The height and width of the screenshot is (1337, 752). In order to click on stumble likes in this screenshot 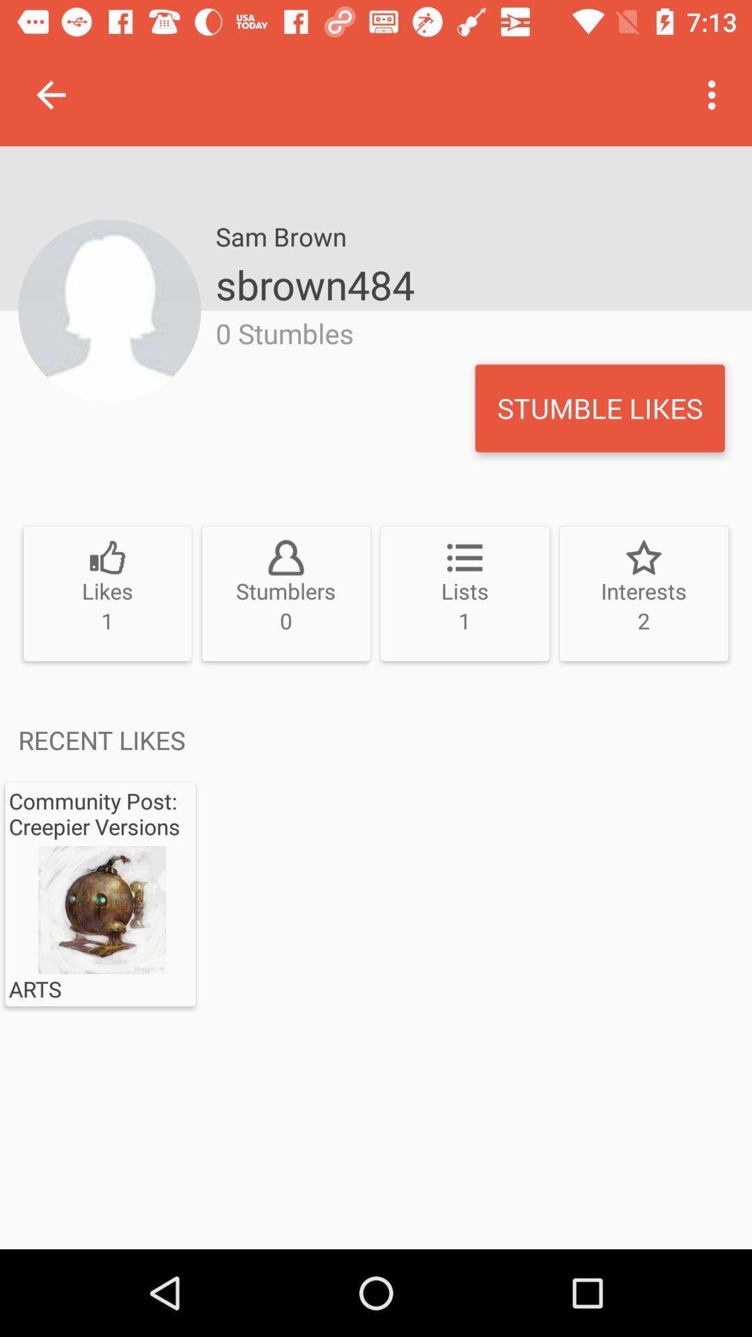, I will do `click(599, 407)`.